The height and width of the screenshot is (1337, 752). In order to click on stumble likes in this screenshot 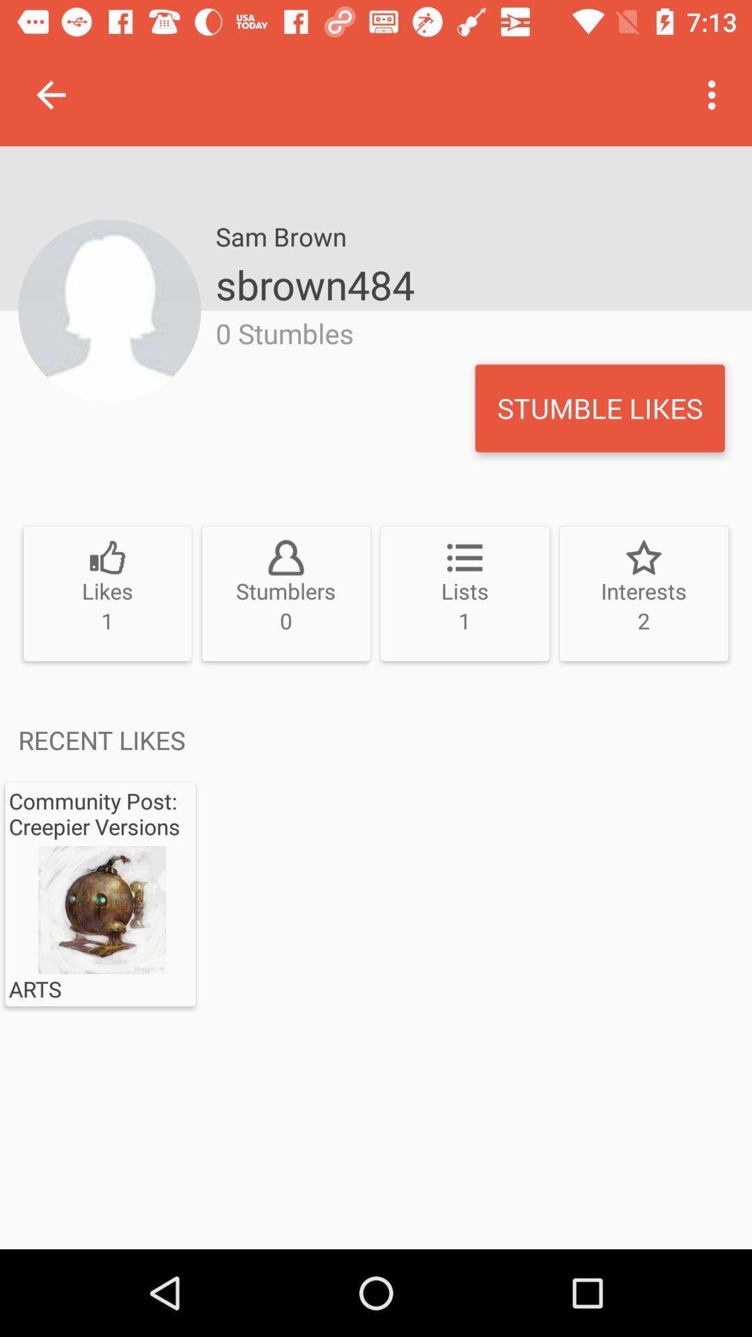, I will do `click(599, 407)`.